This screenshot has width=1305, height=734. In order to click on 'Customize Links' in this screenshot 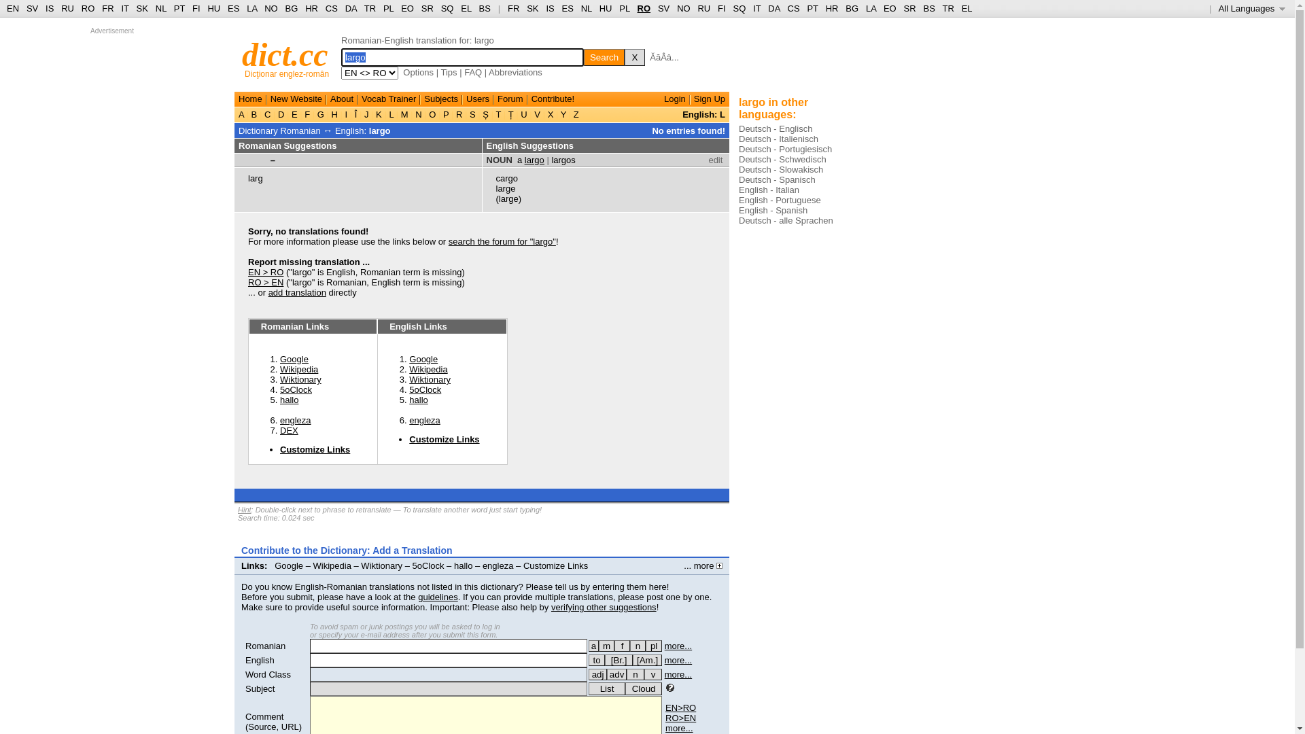, I will do `click(444, 439)`.